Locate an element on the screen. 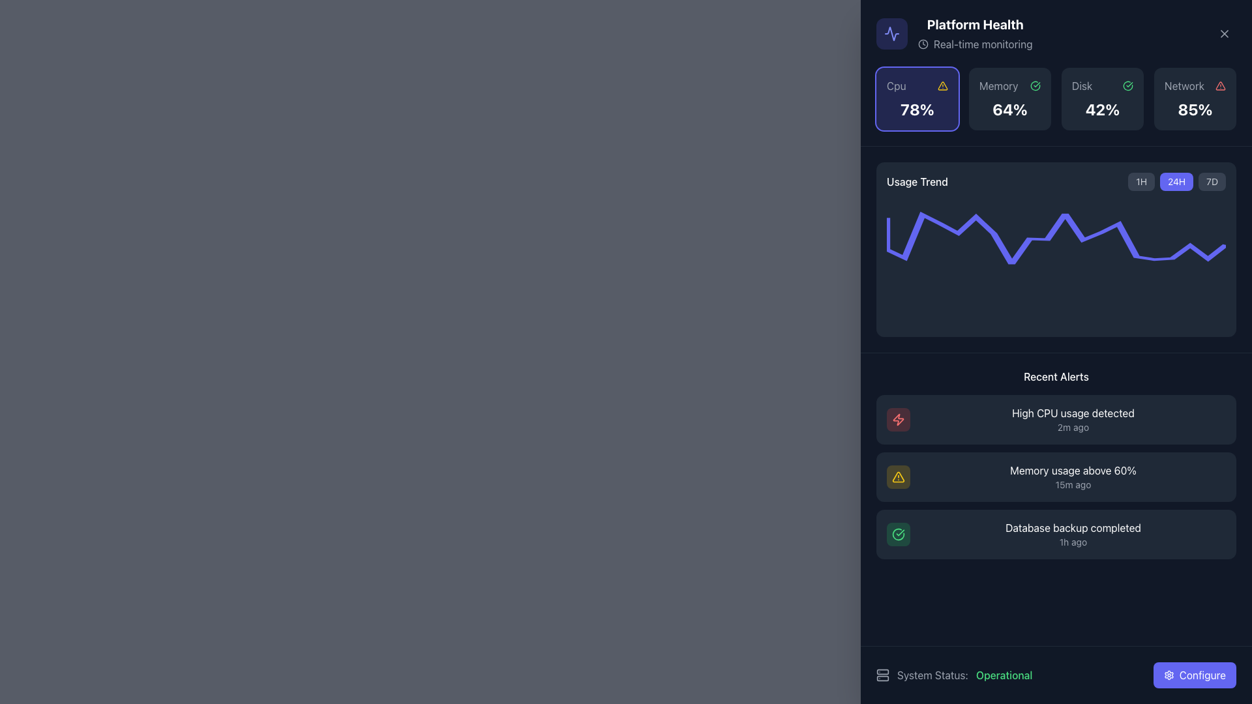  the first button in the horizontal row of three buttons in the 'Usage Trend' section is located at coordinates (1140, 181).